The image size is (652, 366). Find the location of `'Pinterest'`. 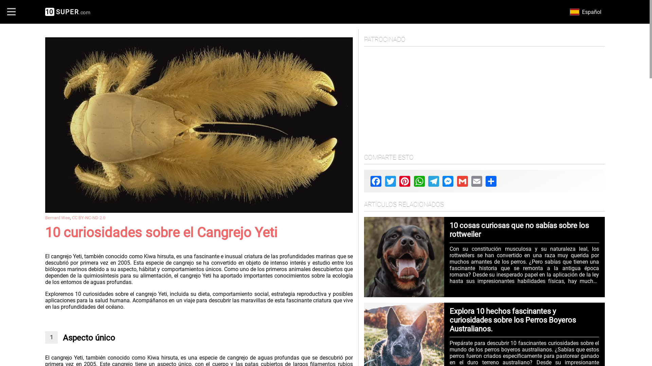

'Pinterest' is located at coordinates (404, 181).